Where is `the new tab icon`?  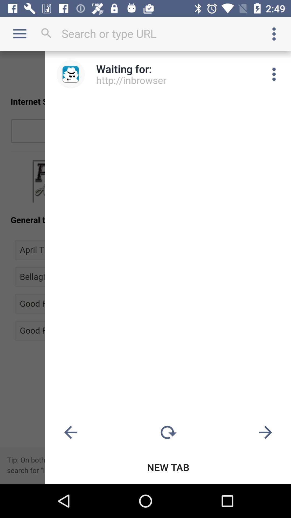
the new tab icon is located at coordinates (168, 467).